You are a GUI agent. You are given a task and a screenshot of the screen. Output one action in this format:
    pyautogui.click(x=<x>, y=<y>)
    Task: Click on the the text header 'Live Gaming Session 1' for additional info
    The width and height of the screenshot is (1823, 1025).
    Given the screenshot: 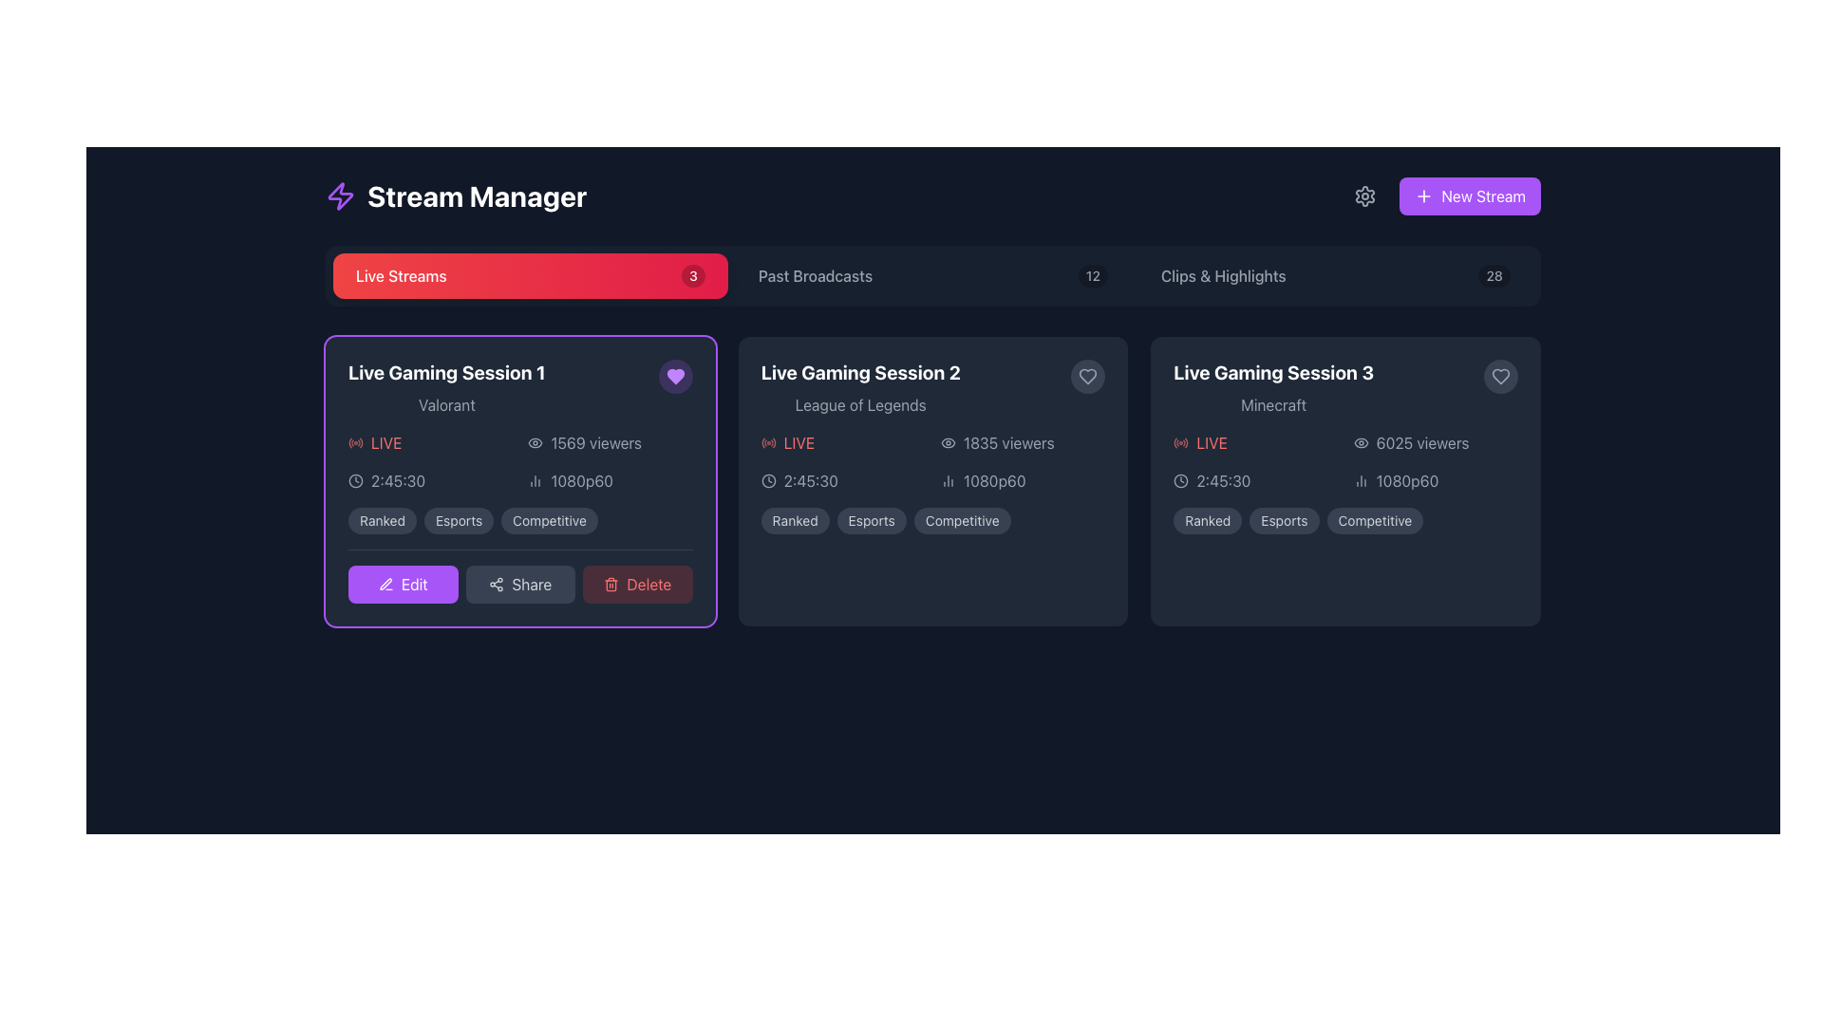 What is the action you would take?
    pyautogui.click(x=520, y=386)
    